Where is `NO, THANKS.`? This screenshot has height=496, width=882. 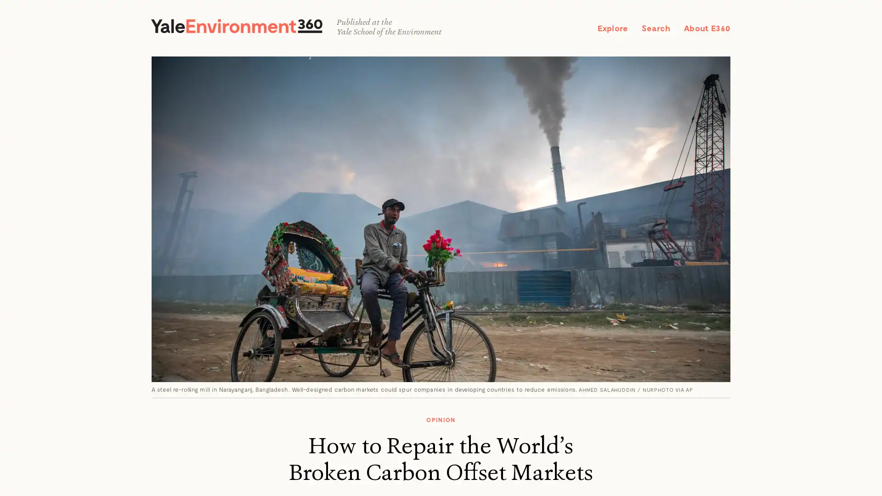
NO, THANKS. is located at coordinates (440, 315).